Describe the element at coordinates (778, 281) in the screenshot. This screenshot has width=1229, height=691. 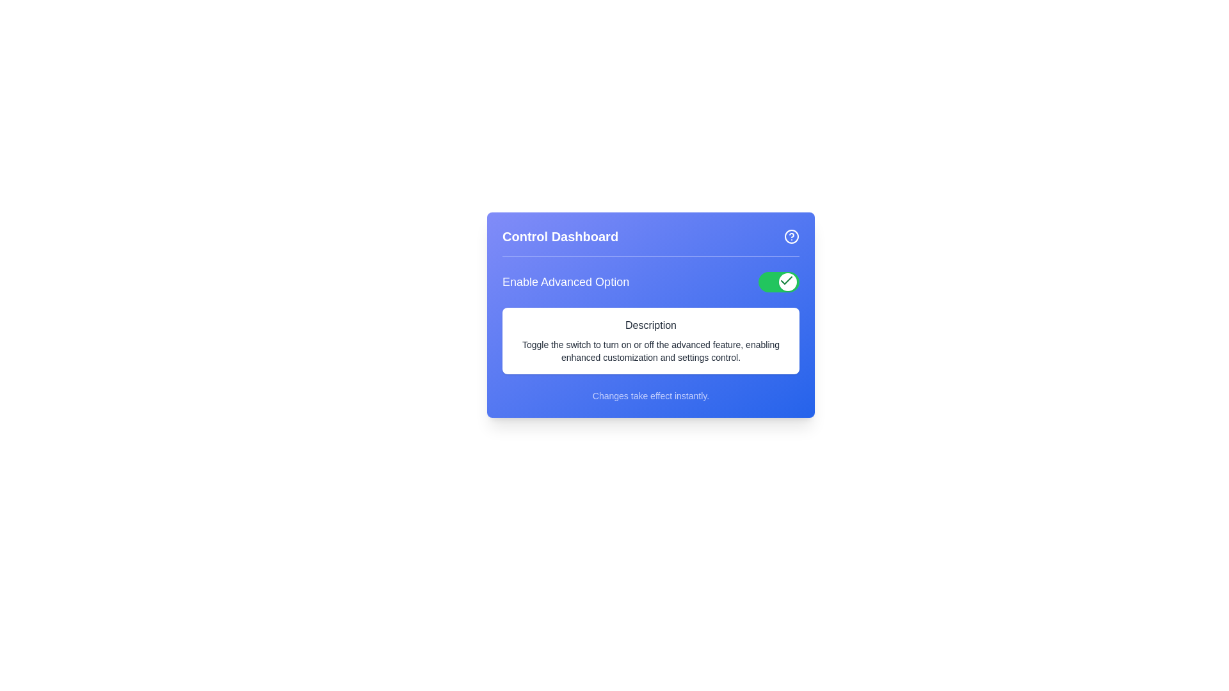
I see `the toggle switch with a green background and a circular white handle` at that location.